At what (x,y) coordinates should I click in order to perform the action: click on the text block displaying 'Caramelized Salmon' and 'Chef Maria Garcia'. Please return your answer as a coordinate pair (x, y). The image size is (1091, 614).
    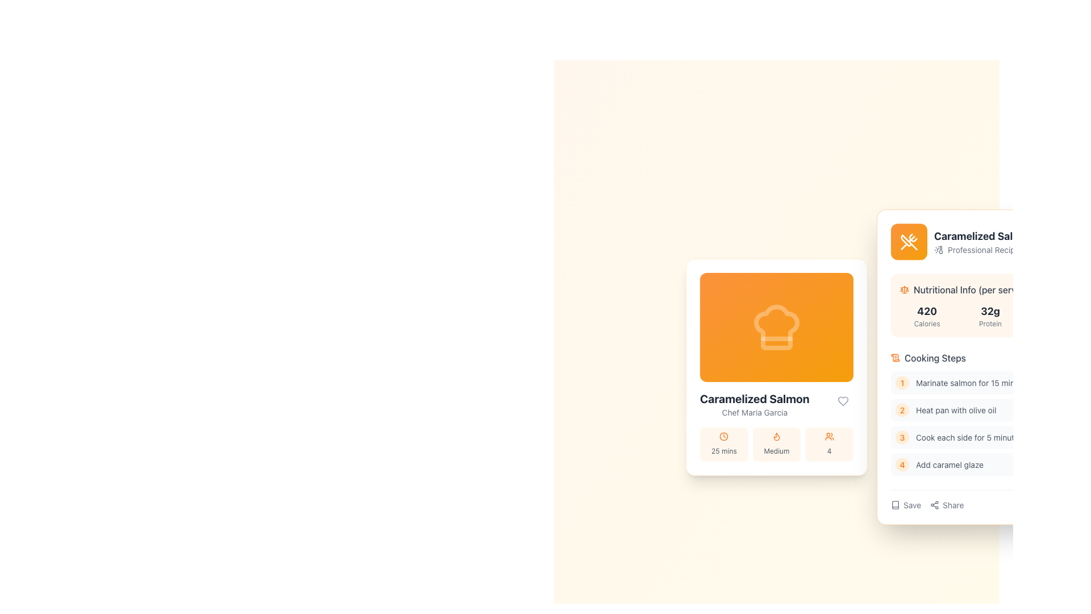
    Looking at the image, I should click on (755, 404).